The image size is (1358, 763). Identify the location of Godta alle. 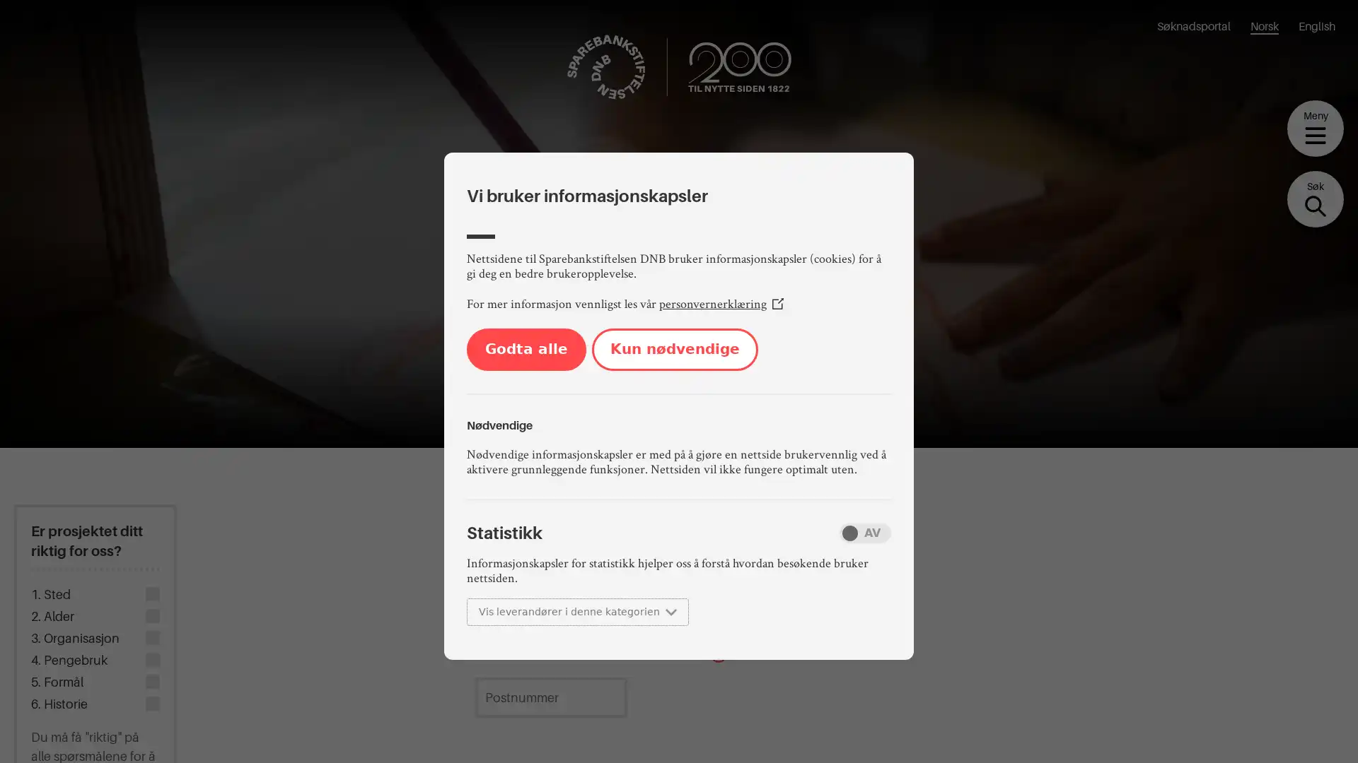
(526, 349).